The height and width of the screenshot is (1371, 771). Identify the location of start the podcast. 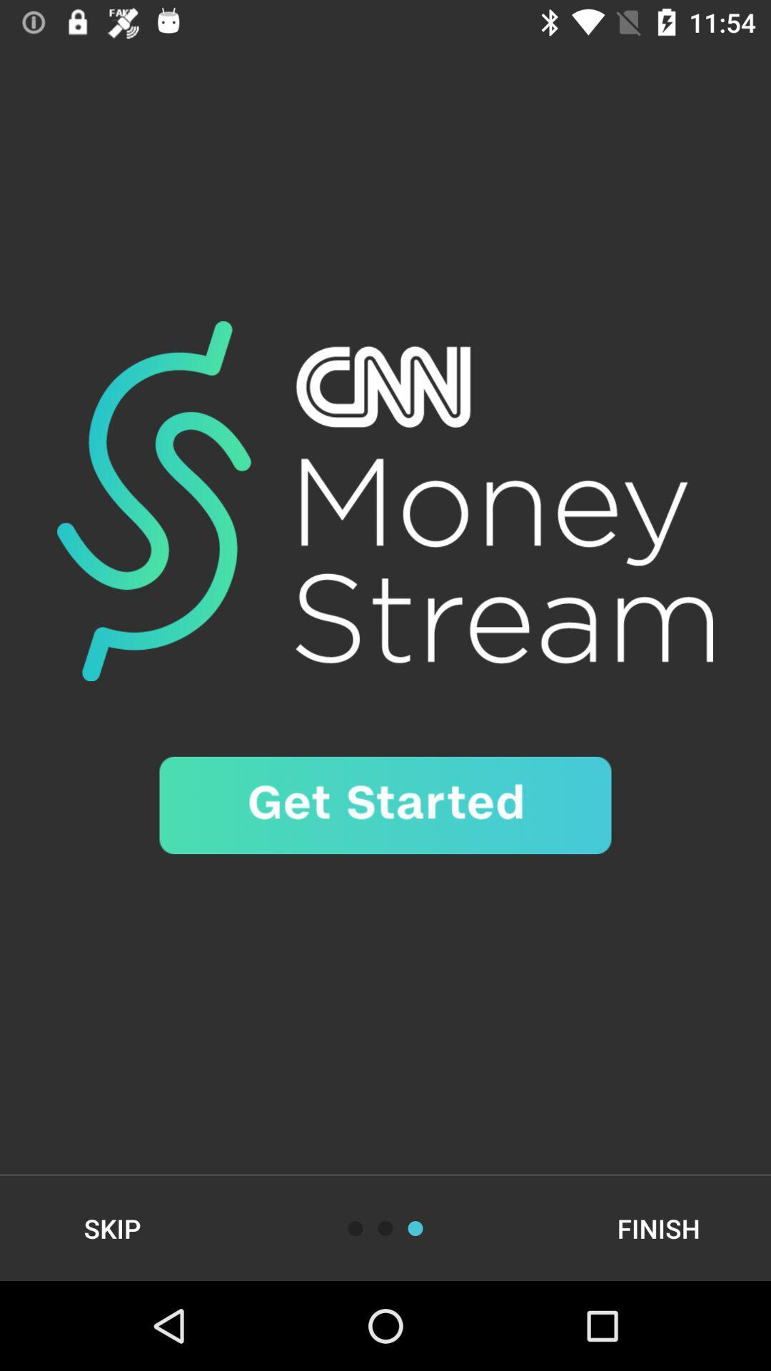
(385, 805).